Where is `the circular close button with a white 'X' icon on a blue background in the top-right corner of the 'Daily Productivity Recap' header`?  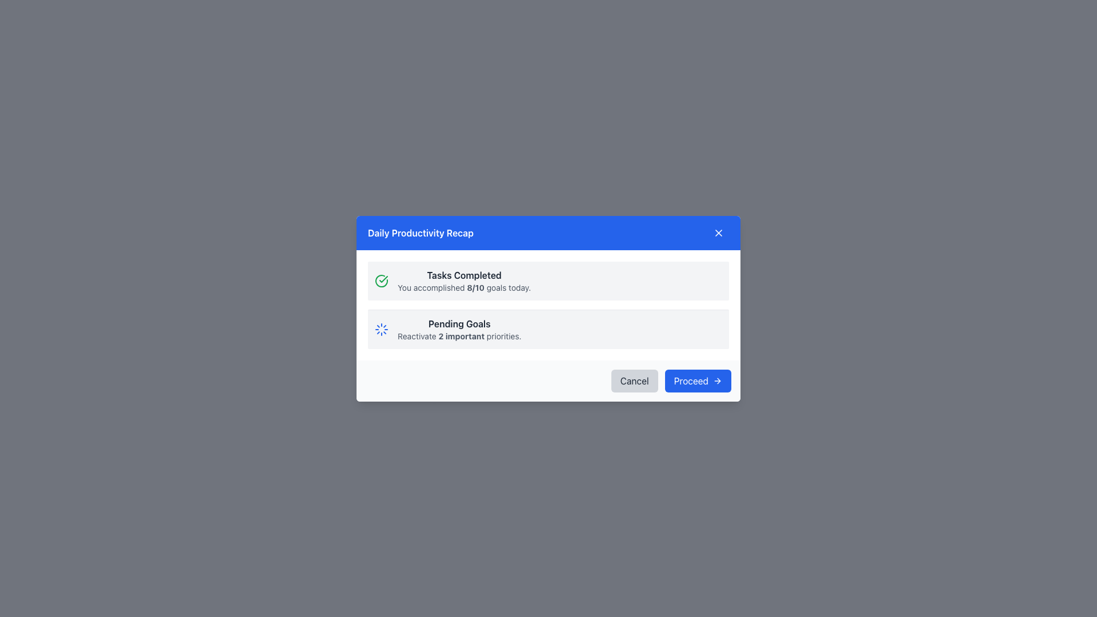 the circular close button with a white 'X' icon on a blue background in the top-right corner of the 'Daily Productivity Recap' header is located at coordinates (718, 232).